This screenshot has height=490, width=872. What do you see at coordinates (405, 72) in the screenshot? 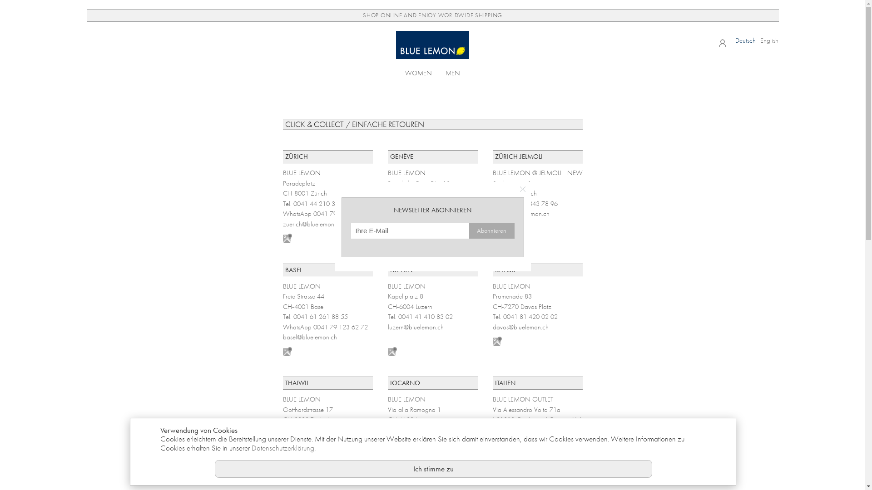
I see `'WOMEN'` at bounding box center [405, 72].